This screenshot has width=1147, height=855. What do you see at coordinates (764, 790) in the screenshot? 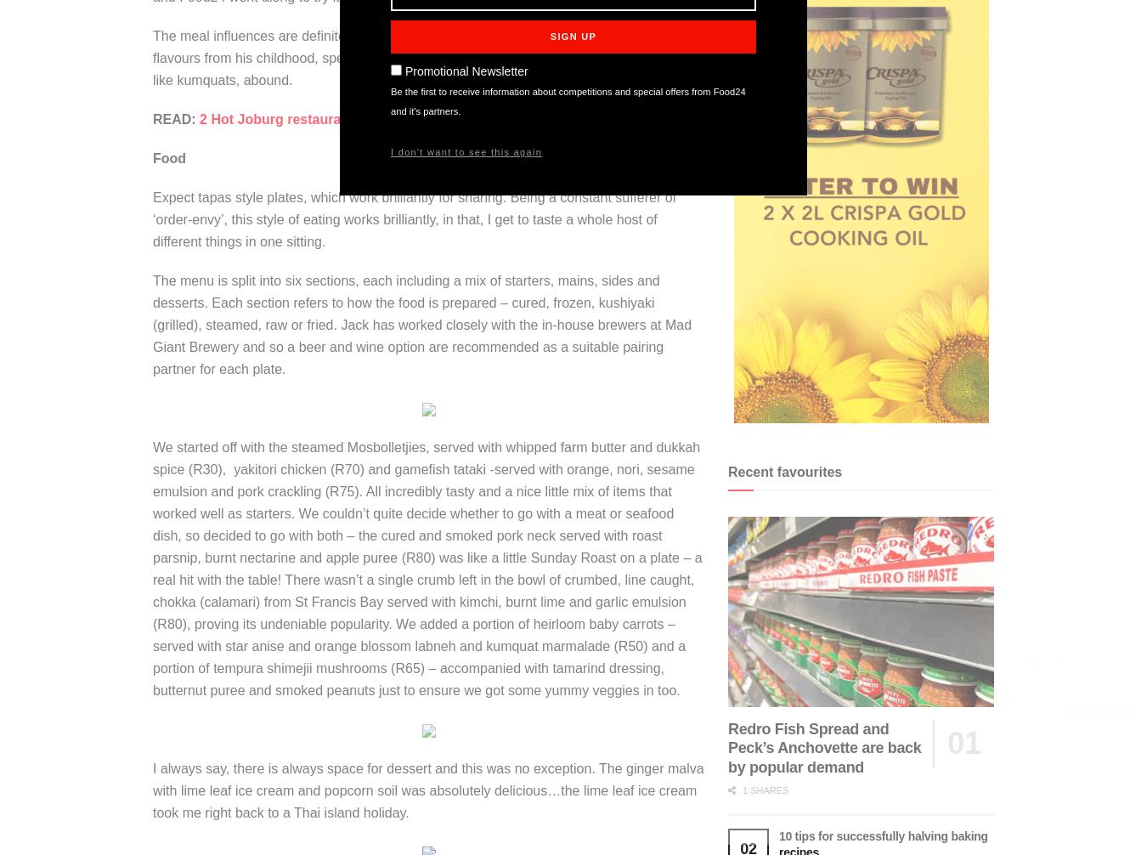
I see `'1 shares'` at bounding box center [764, 790].